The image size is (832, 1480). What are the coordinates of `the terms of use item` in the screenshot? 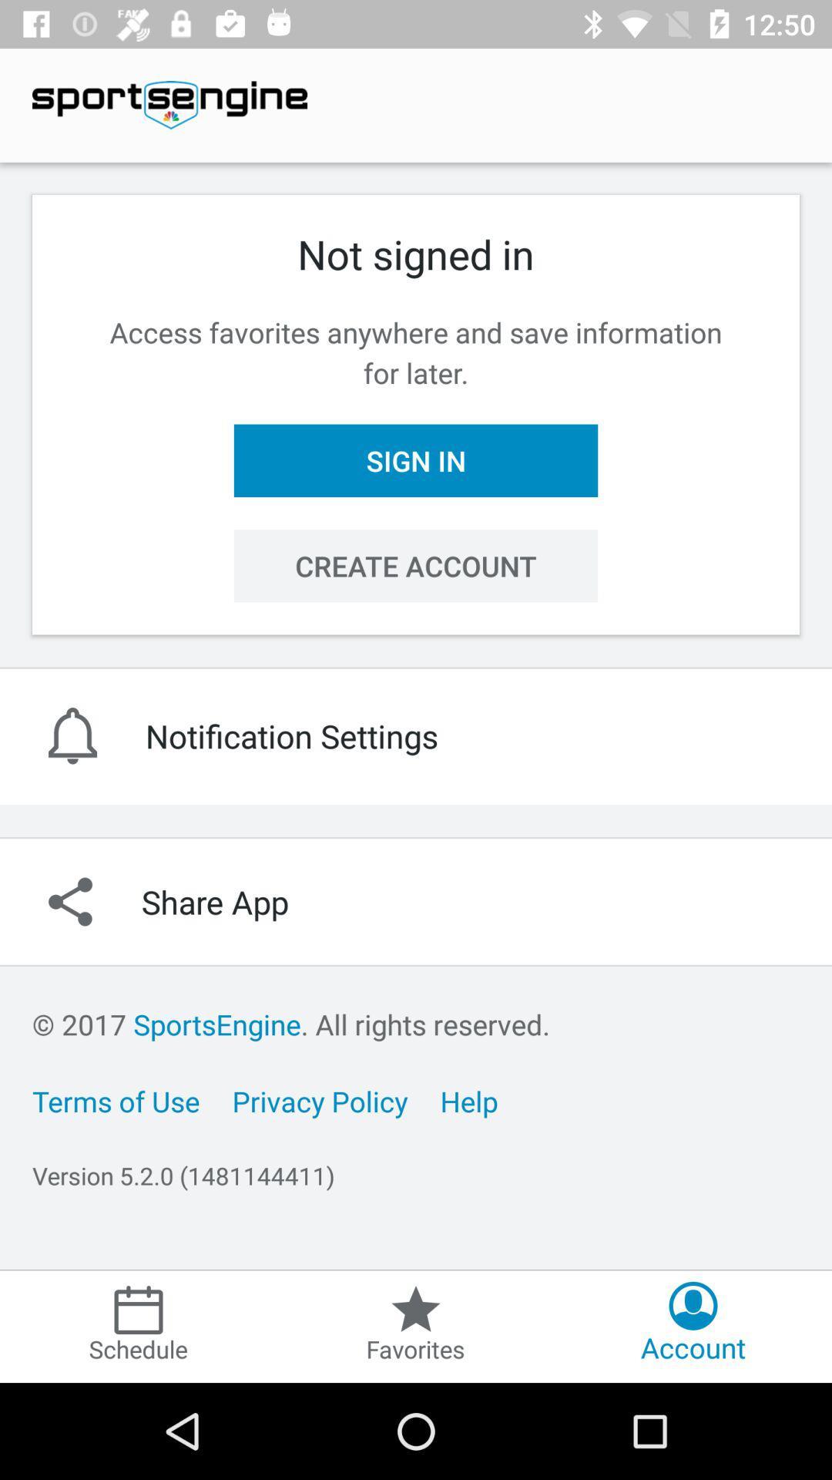 It's located at (115, 1100).